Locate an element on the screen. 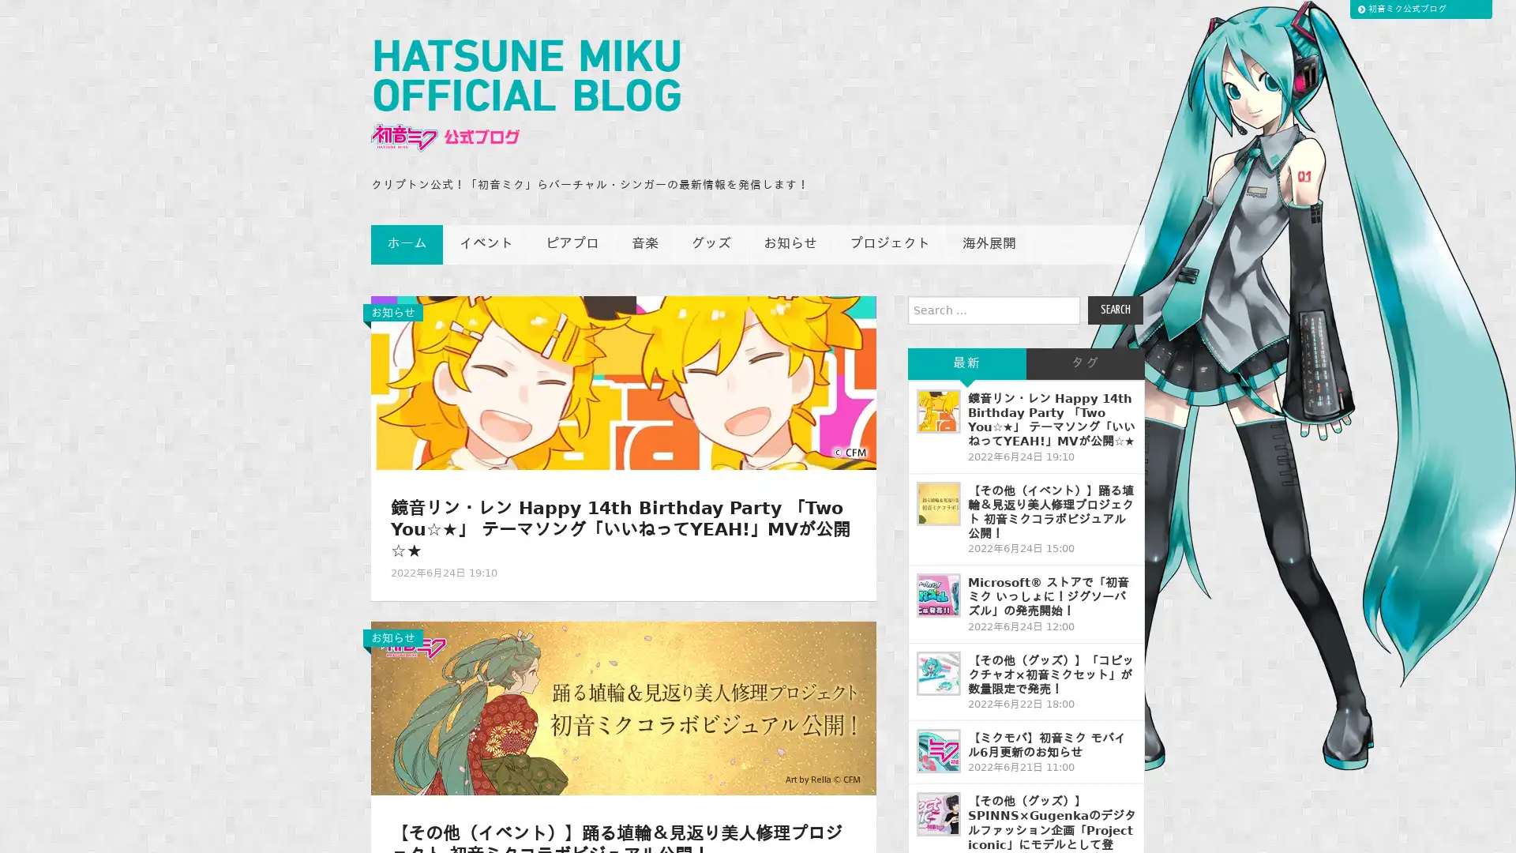 This screenshot has width=1516, height=853. Search is located at coordinates (1114, 310).